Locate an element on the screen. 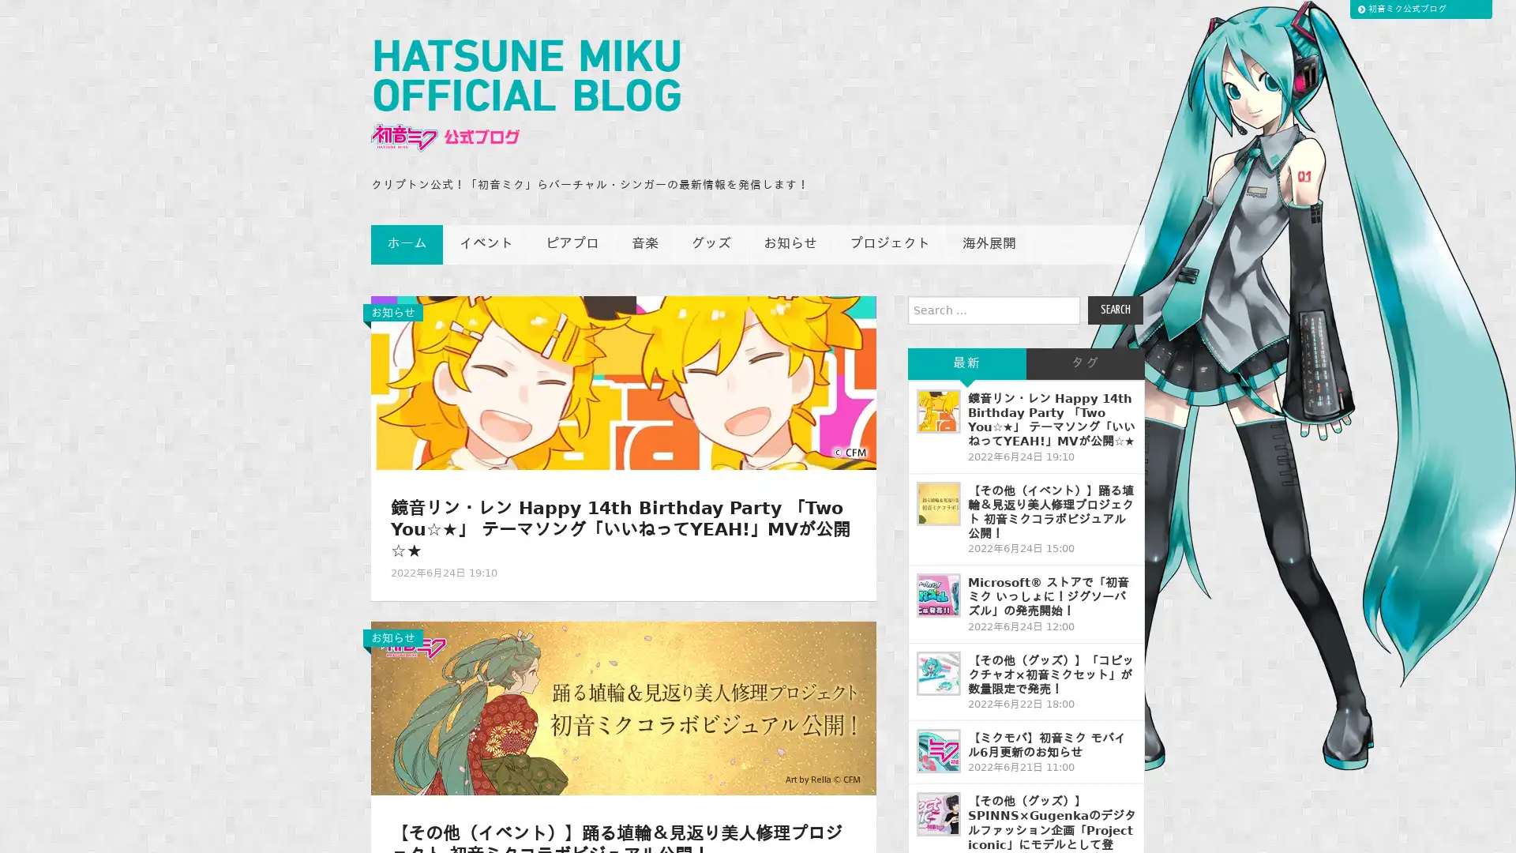 This screenshot has width=1516, height=853. Search is located at coordinates (1114, 310).